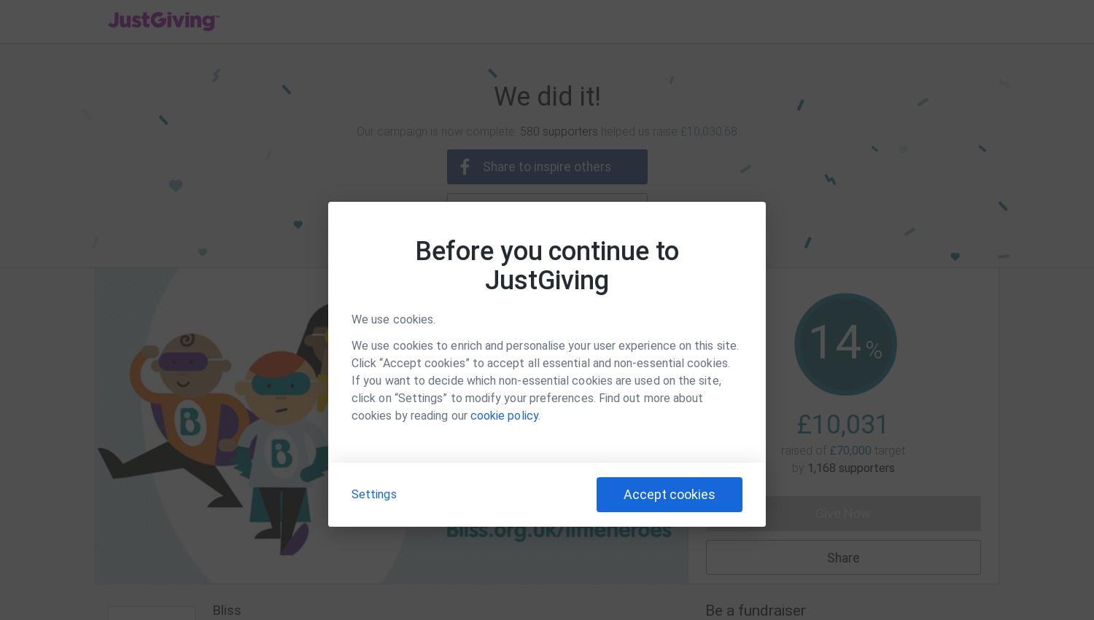 The height and width of the screenshot is (620, 1094). Describe the element at coordinates (546, 97) in the screenshot. I see `'We did it!'` at that location.